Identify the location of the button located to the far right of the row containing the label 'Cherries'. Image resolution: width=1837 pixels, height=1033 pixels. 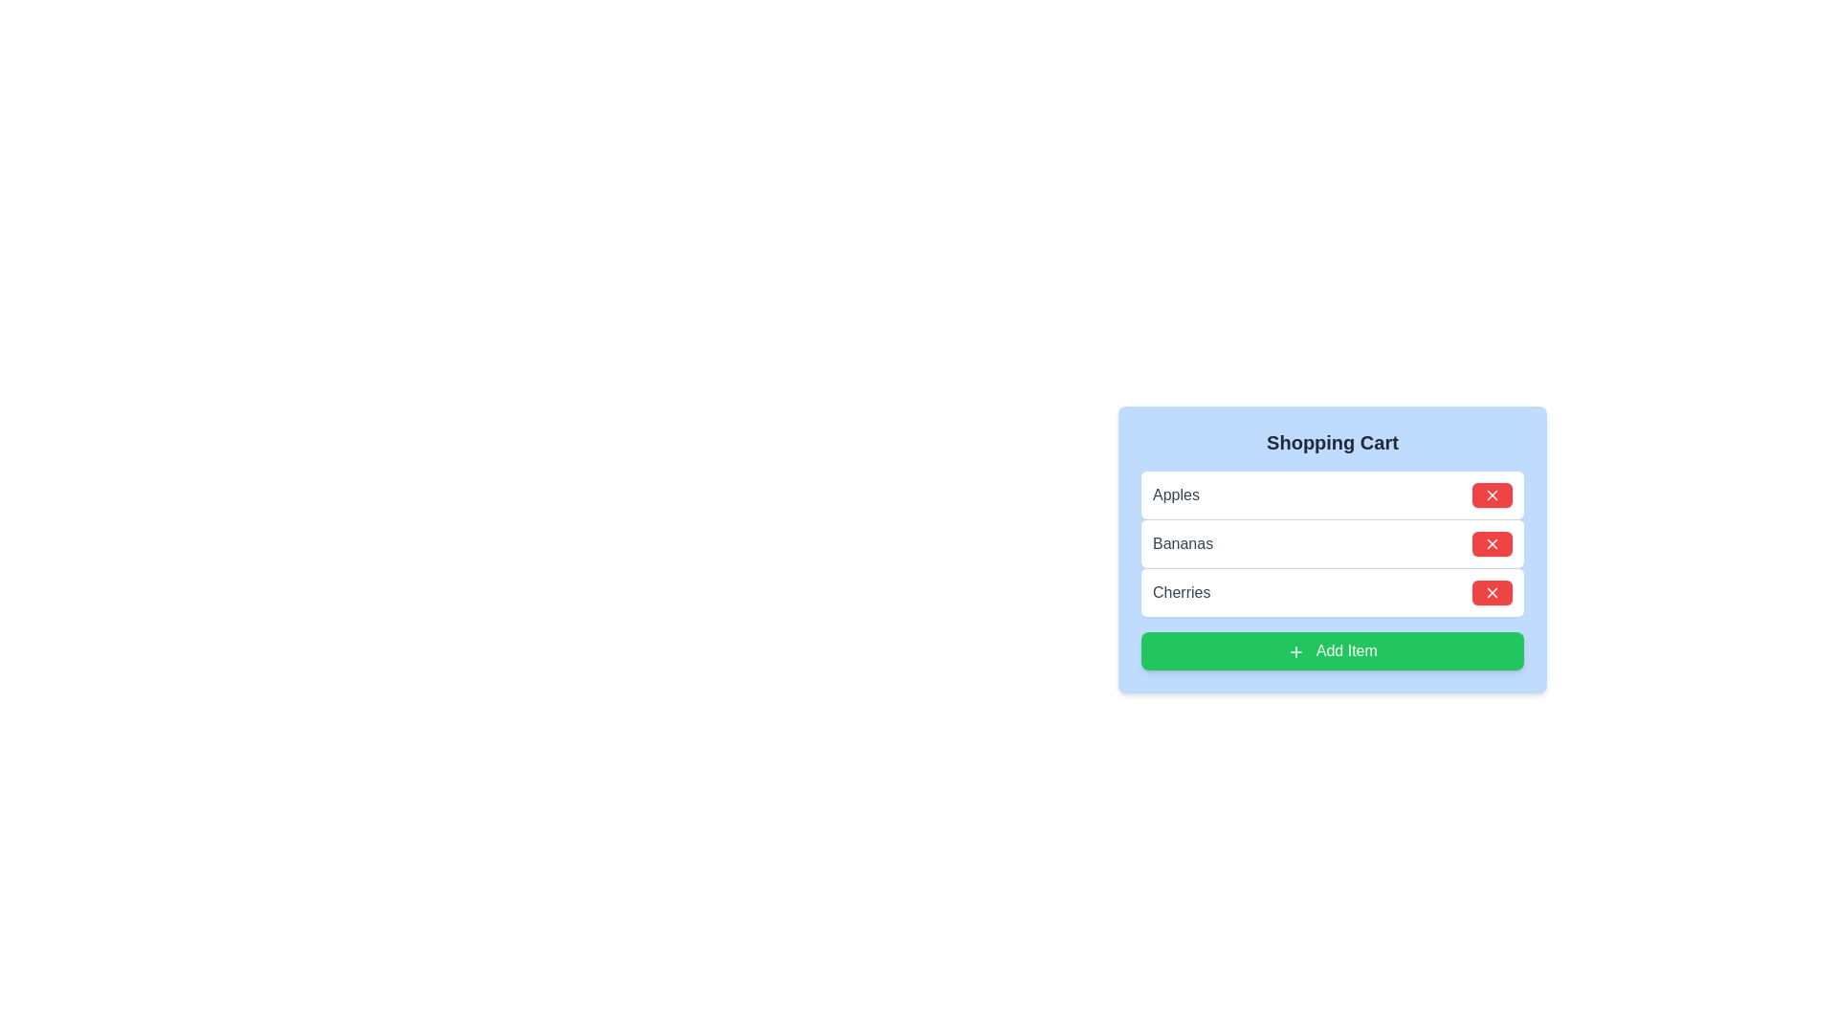
(1492, 592).